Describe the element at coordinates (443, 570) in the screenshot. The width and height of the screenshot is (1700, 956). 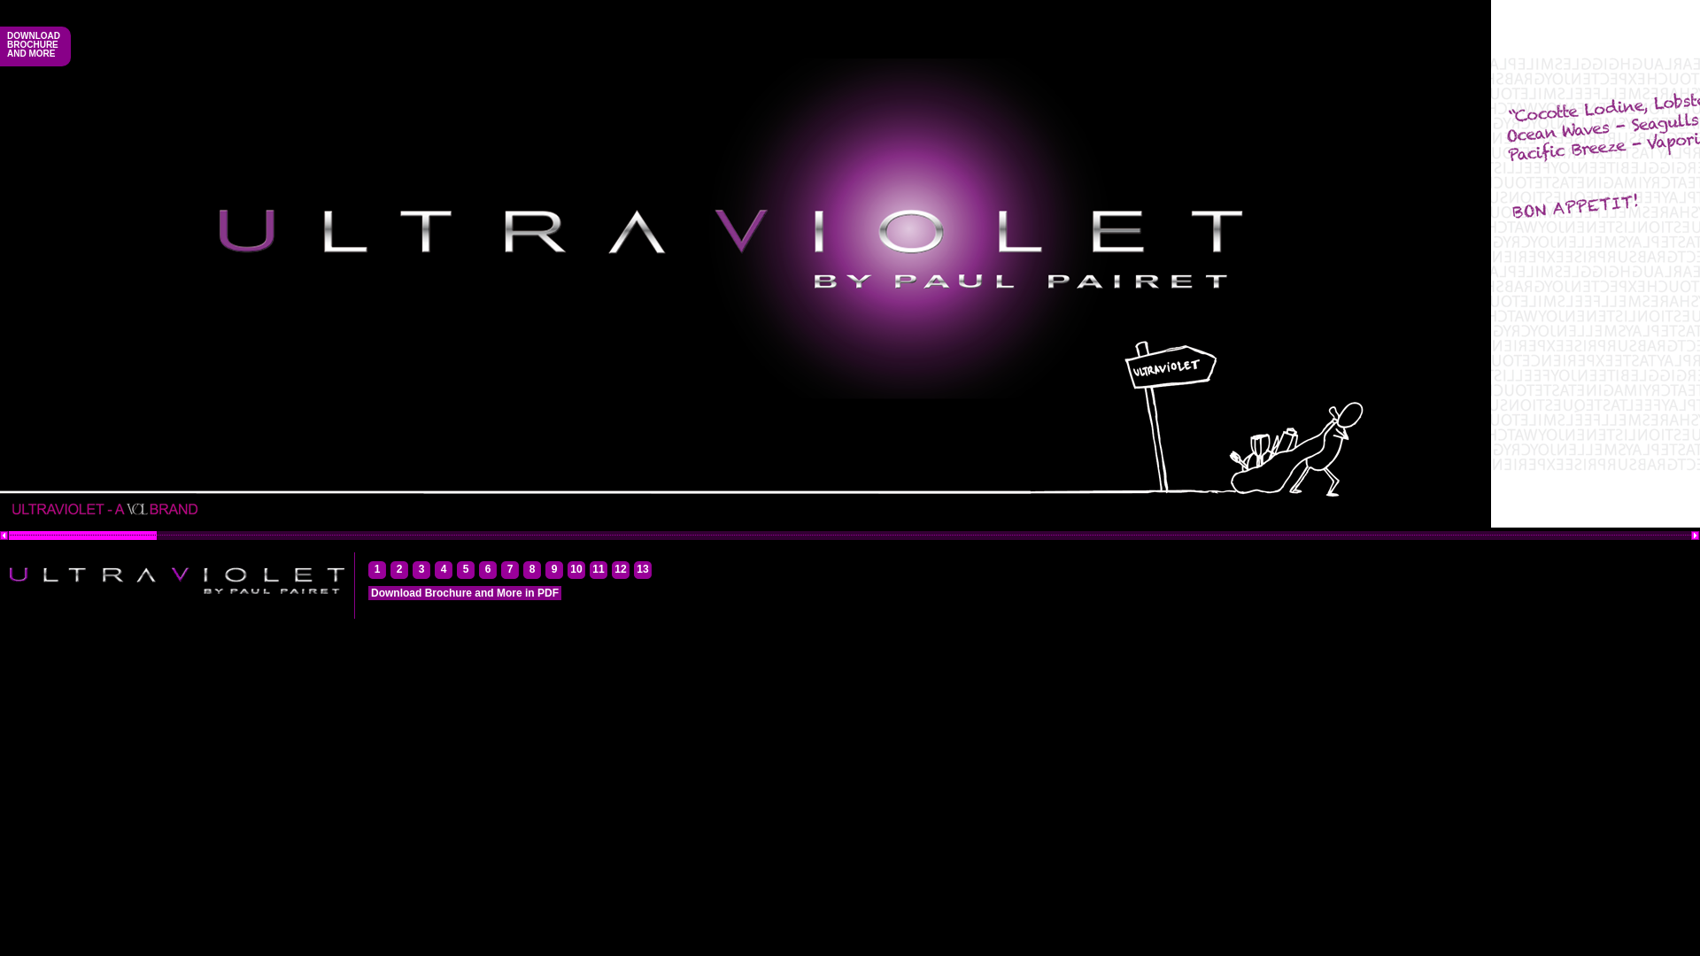
I see `'4'` at that location.